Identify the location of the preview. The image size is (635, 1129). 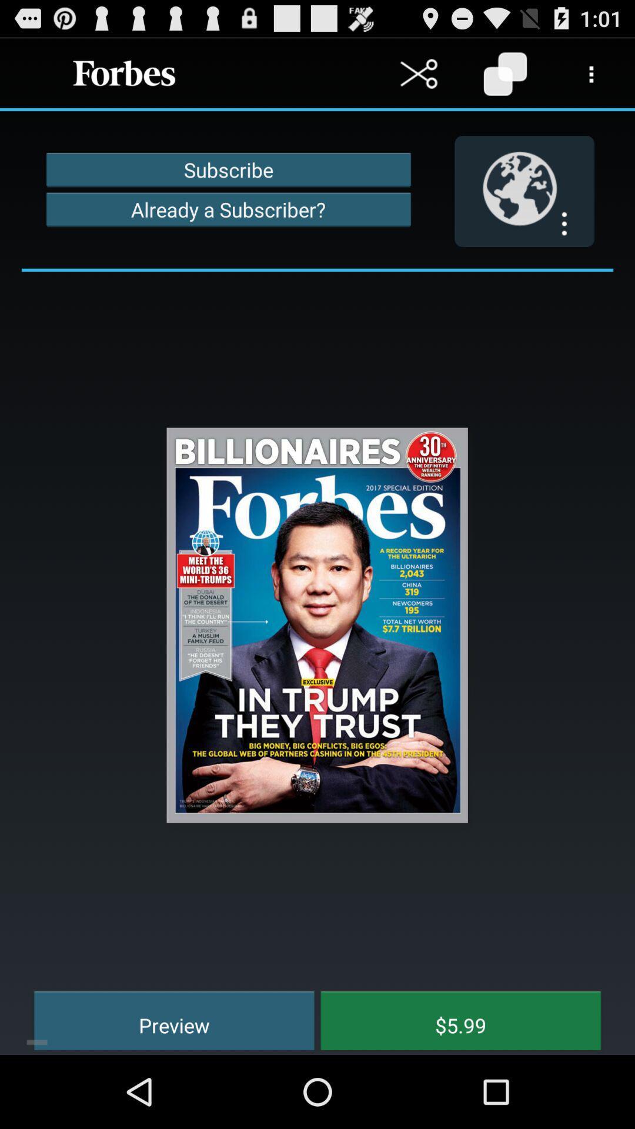
(165, 1018).